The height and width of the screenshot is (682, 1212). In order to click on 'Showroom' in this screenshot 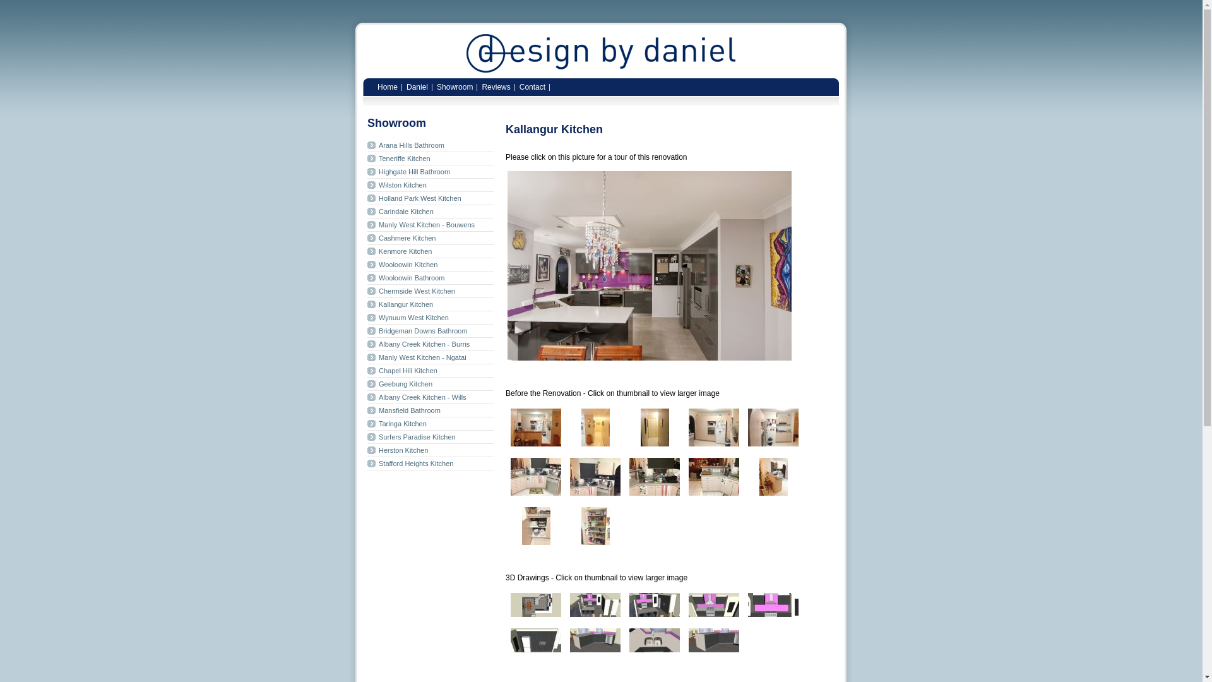, I will do `click(454, 85)`.